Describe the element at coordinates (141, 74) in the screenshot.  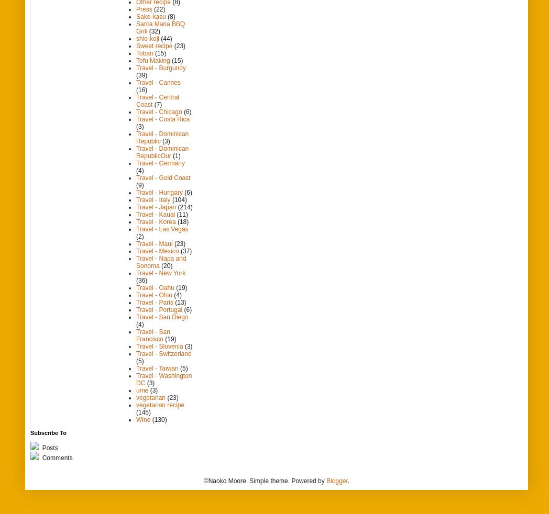
I see `'(39)'` at that location.